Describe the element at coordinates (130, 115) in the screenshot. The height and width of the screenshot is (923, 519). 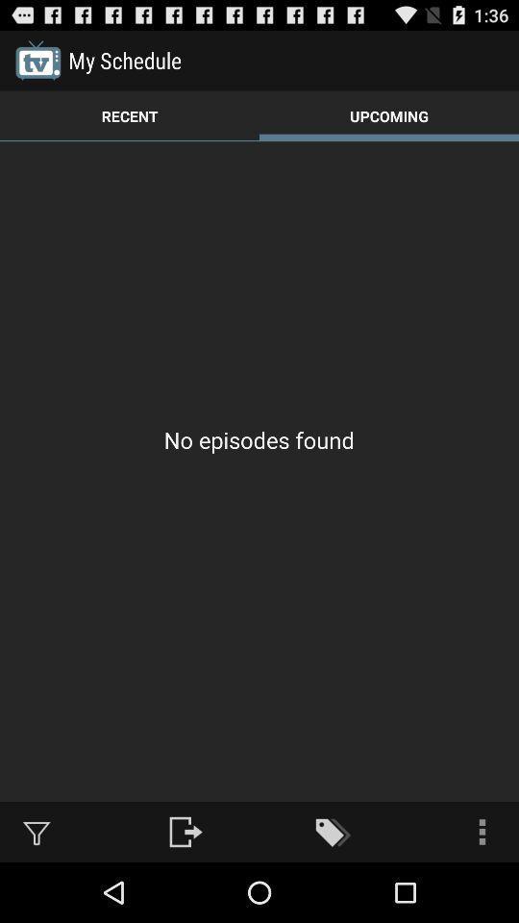
I see `recent icon` at that location.